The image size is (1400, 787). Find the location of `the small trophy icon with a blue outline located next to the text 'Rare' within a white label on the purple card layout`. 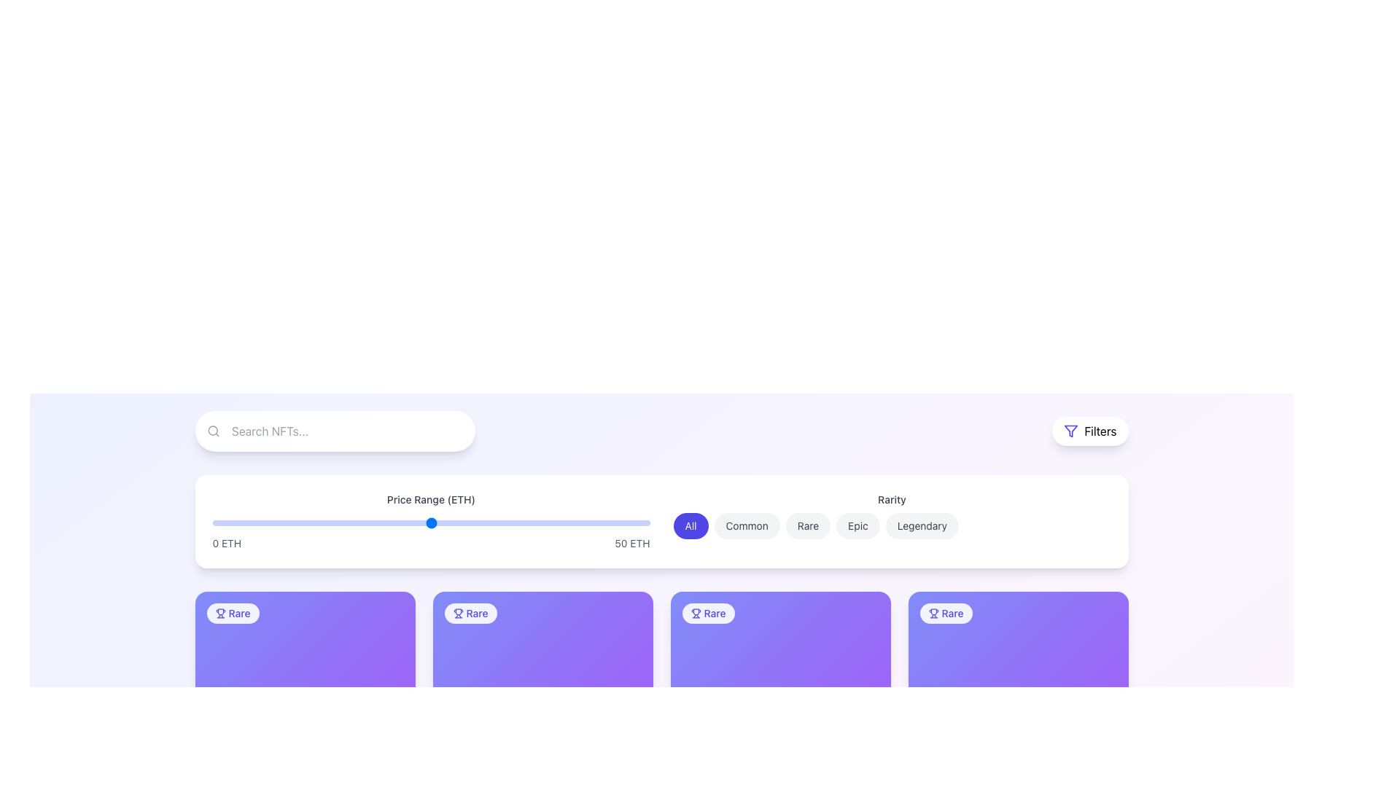

the small trophy icon with a blue outline located next to the text 'Rare' within a white label on the purple card layout is located at coordinates (219, 613).